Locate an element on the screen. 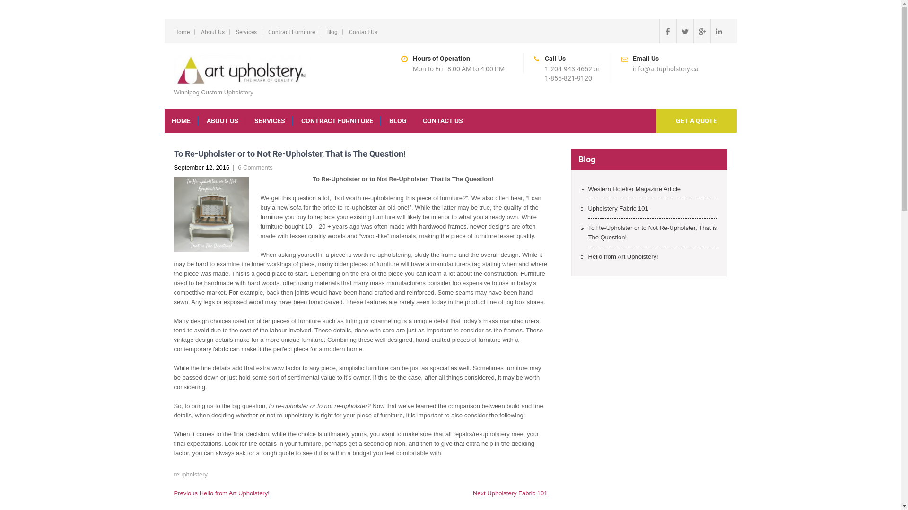 The image size is (908, 510). 'linkedin' is located at coordinates (719, 30).